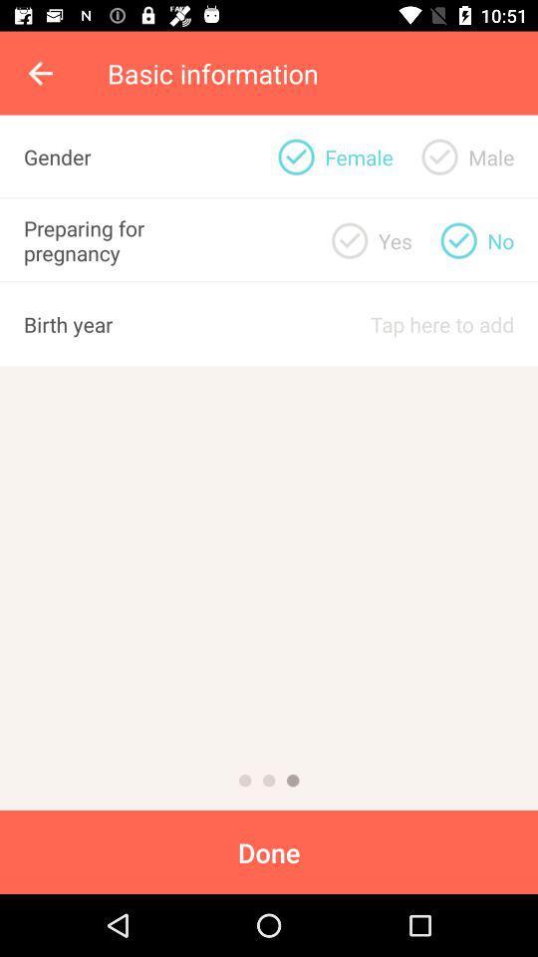 The height and width of the screenshot is (957, 538). Describe the element at coordinates (245, 781) in the screenshot. I see `next photo` at that location.